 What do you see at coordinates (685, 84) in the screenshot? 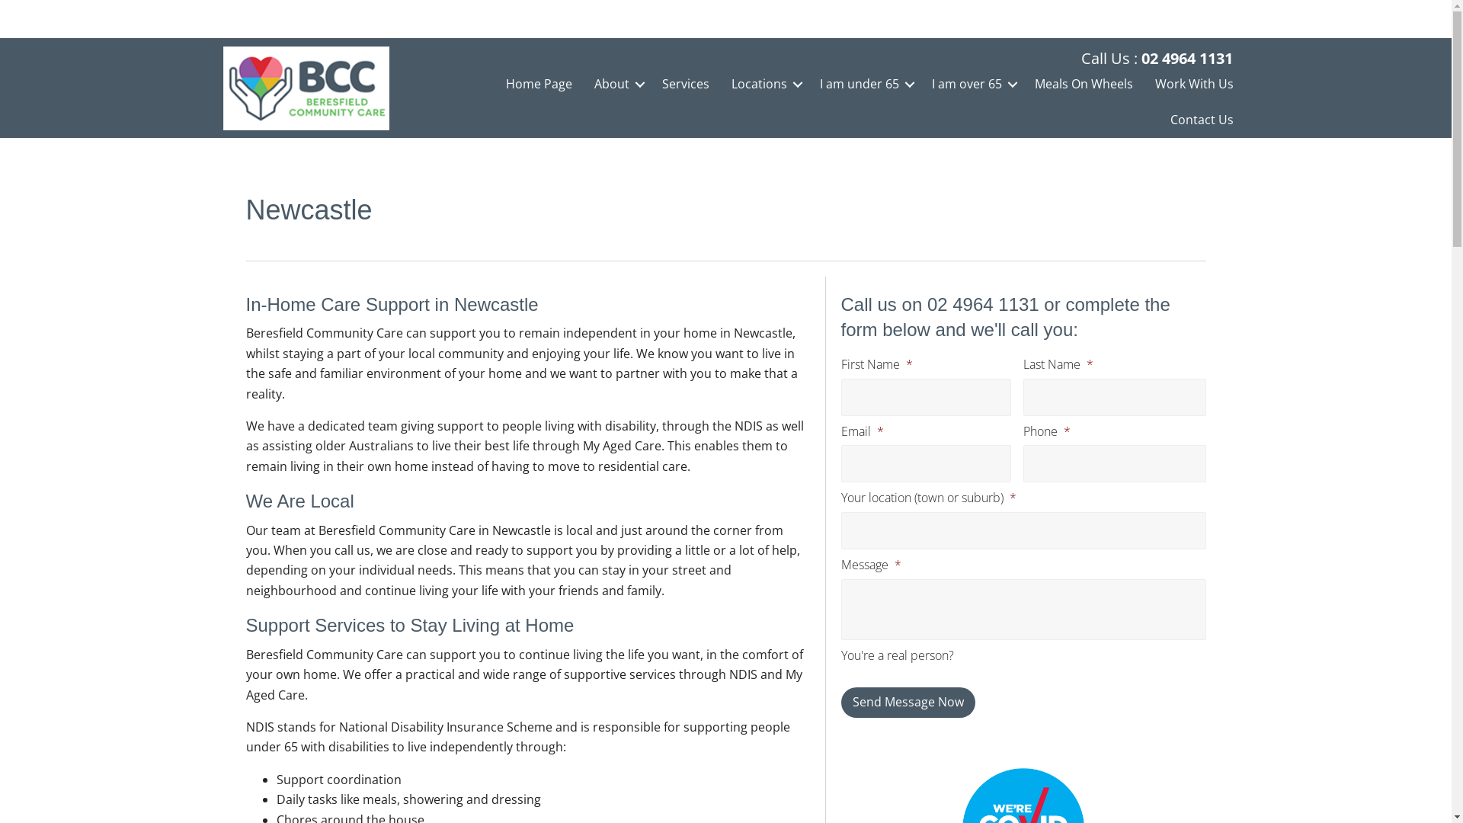
I see `'Services'` at bounding box center [685, 84].